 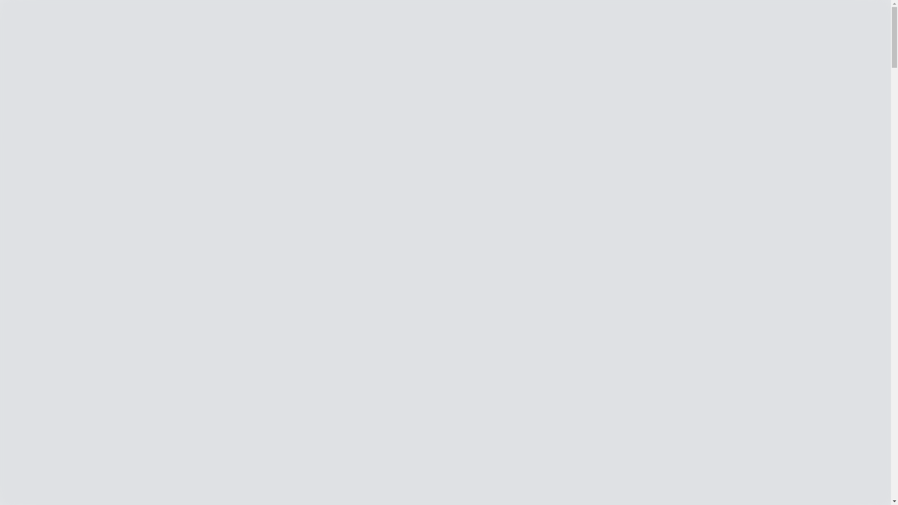 What do you see at coordinates (30, 60) in the screenshot?
I see `'Shop'` at bounding box center [30, 60].